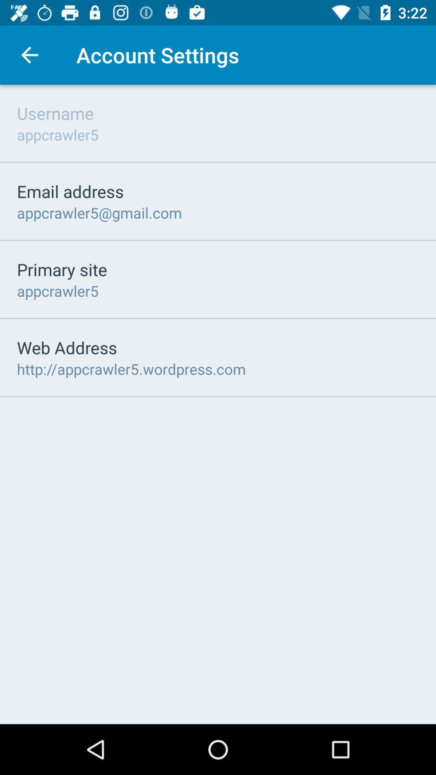  What do you see at coordinates (67, 347) in the screenshot?
I see `the item below appcrawler5 icon` at bounding box center [67, 347].